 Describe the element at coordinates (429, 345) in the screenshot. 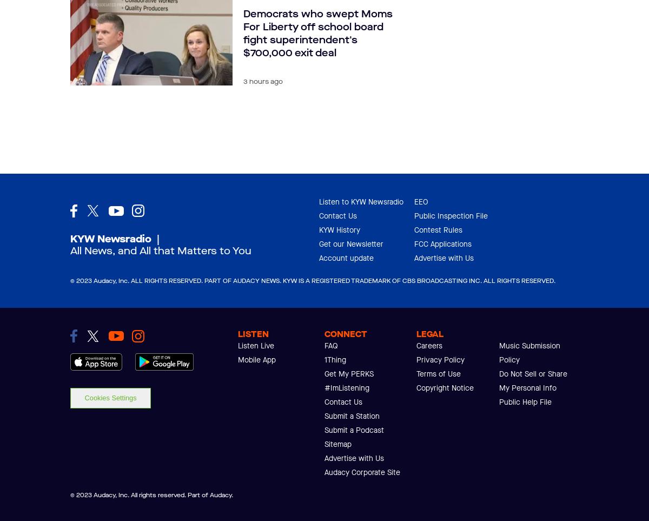

I see `'Careers'` at that location.